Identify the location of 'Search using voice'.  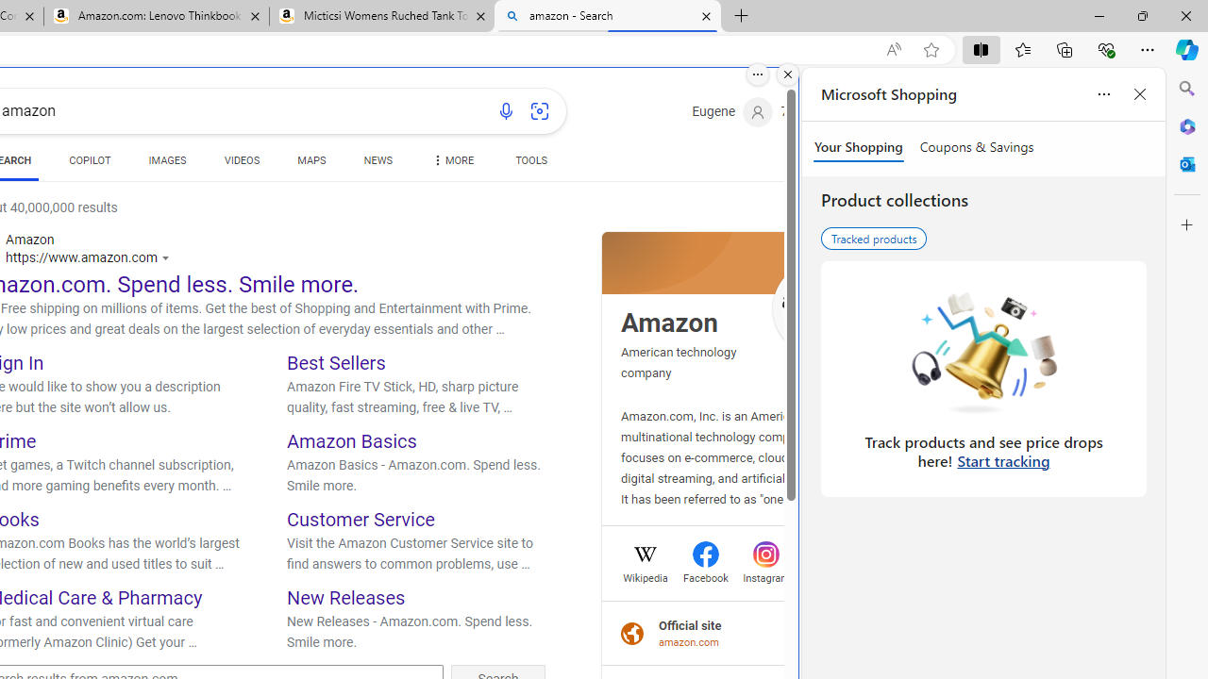
(506, 111).